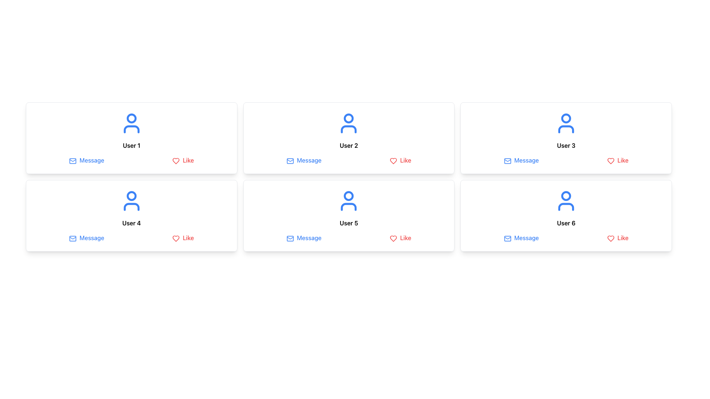  Describe the element at coordinates (290, 160) in the screenshot. I see `the message icon located within the profile card for User 2, positioned to the left of the 'Message' label` at that location.